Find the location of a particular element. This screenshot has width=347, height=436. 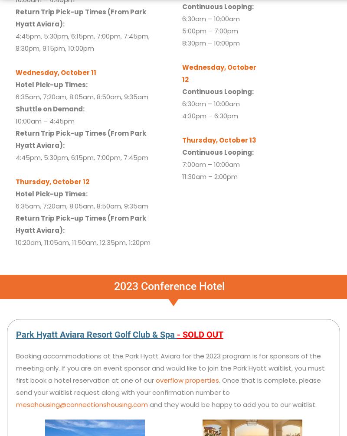

'11:30am – 2:00pm' is located at coordinates (210, 176).